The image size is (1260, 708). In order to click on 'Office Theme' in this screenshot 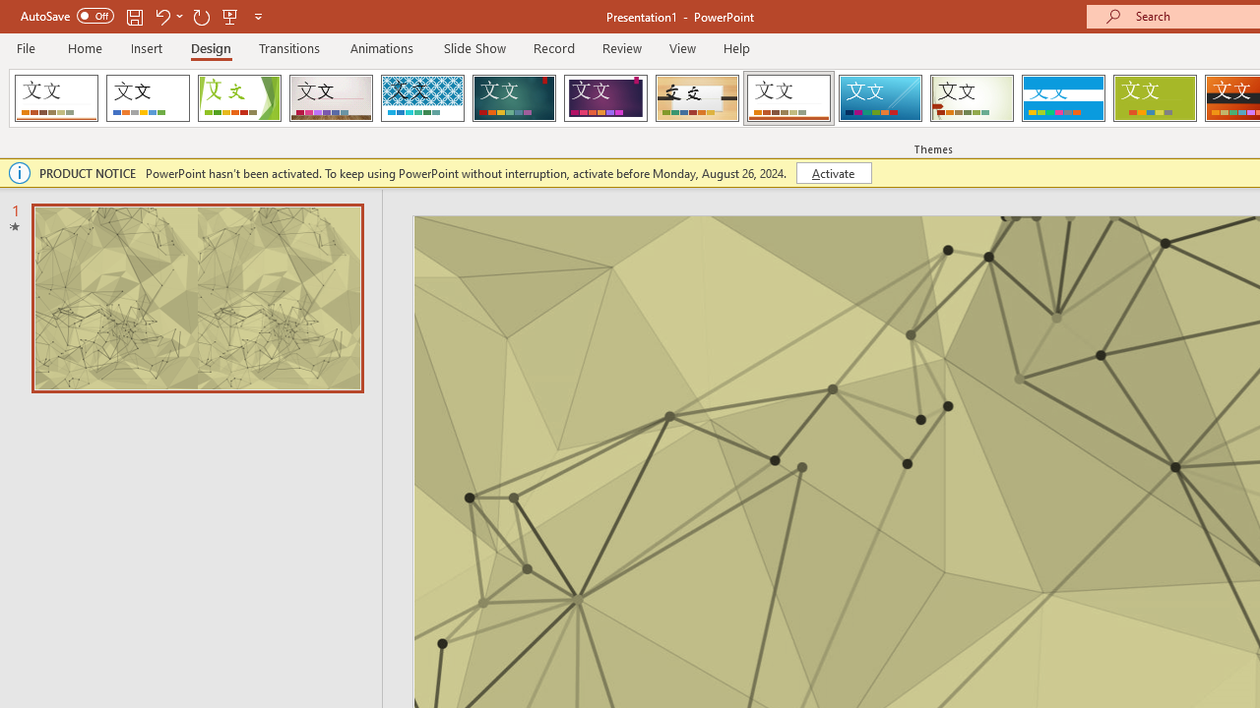, I will do `click(147, 98)`.